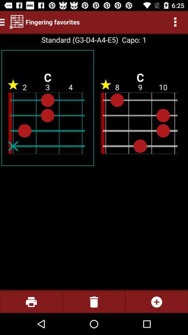 The height and width of the screenshot is (335, 188). I want to click on the standard g3 d4 item, so click(79, 40).